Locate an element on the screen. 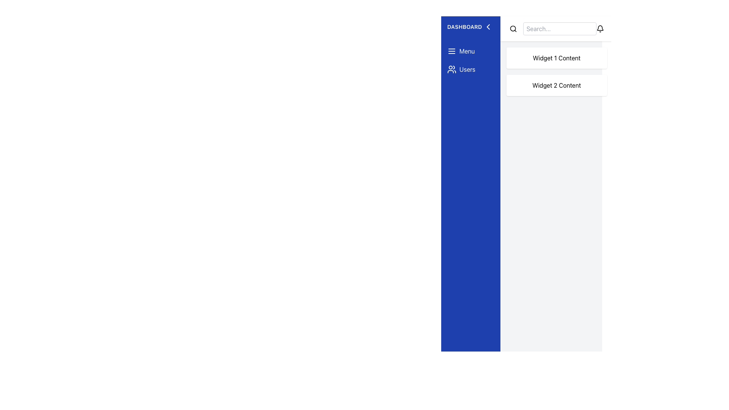 The width and height of the screenshot is (729, 410). the text label 'Users' located in the dark blue sidebar, which is aligned next to the user group icon is located at coordinates (467, 69).